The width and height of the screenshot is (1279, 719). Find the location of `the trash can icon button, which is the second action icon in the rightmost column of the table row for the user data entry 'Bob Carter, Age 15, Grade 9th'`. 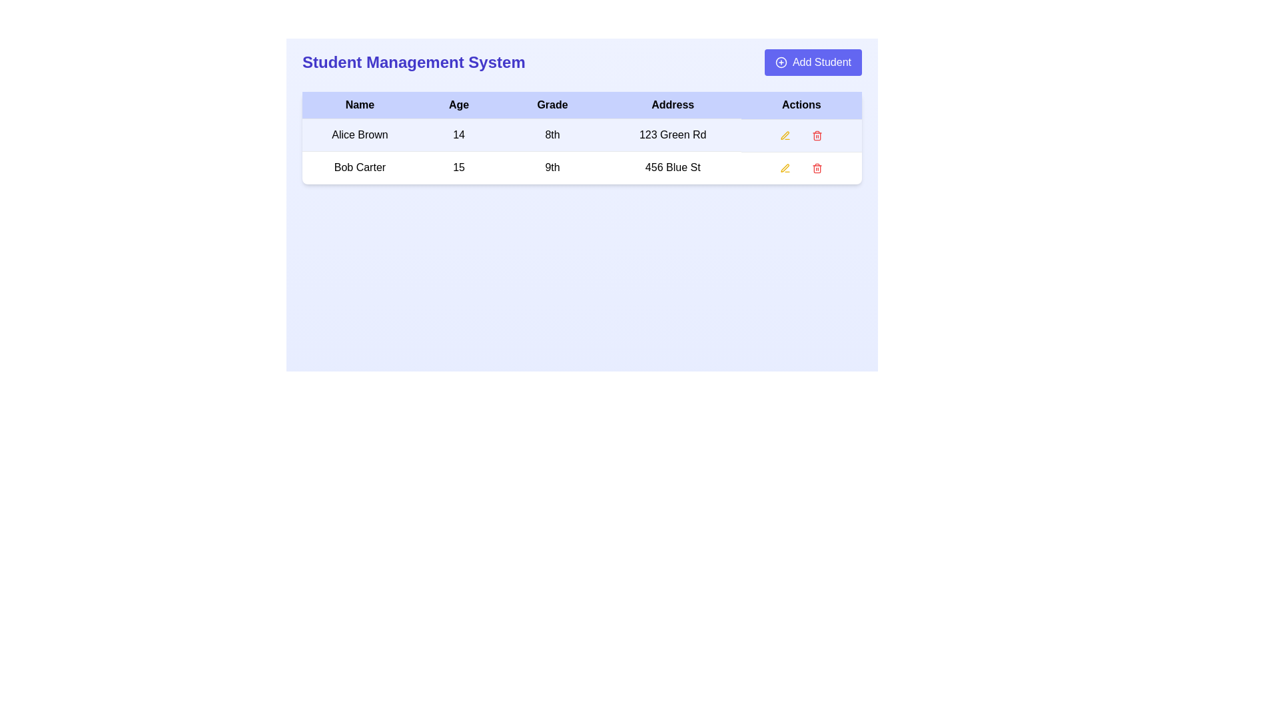

the trash can icon button, which is the second action icon in the rightmost column of the table row for the user data entry 'Bob Carter, Age 15, Grade 9th' is located at coordinates (817, 167).